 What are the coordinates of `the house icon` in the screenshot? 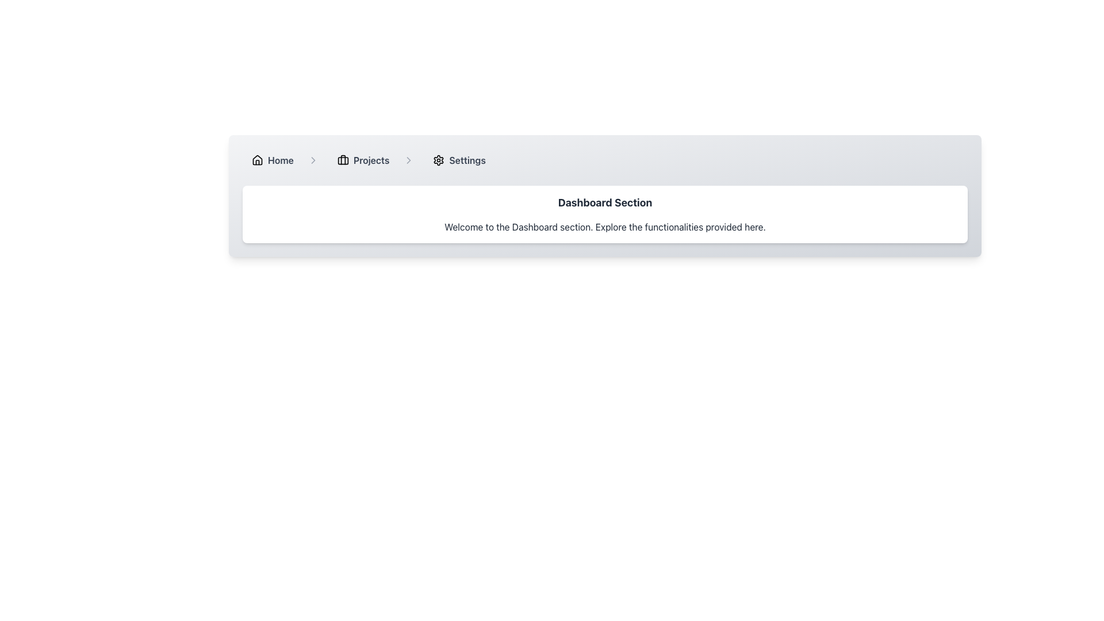 It's located at (256, 159).